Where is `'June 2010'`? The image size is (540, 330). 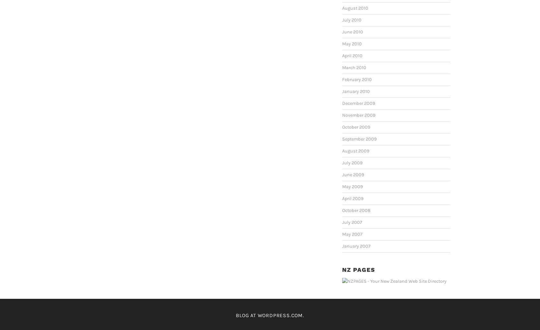 'June 2010' is located at coordinates (352, 32).